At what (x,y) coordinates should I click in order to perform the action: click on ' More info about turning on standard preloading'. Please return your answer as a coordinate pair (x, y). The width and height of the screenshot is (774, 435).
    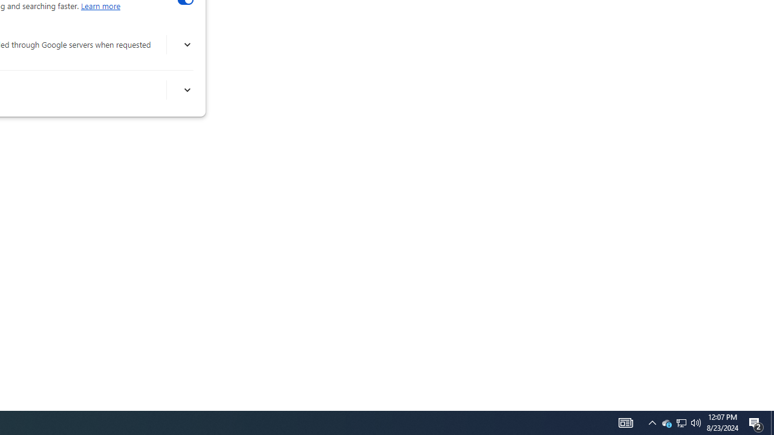
    Looking at the image, I should click on (186, 89).